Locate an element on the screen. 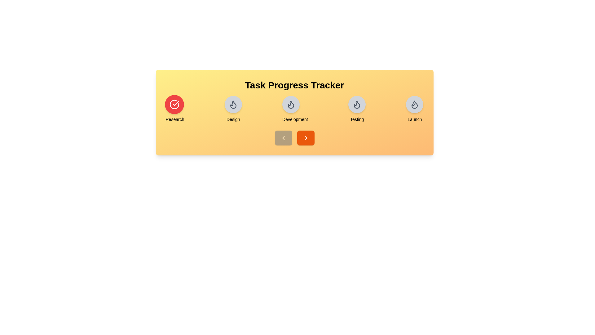  the rightmost forward navigation button located at the bottom center of the component is located at coordinates (306, 137).